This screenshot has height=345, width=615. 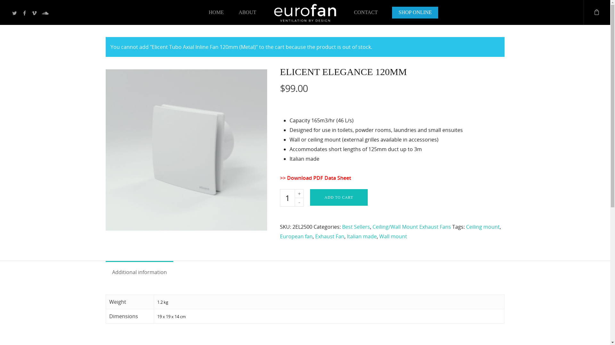 I want to click on 'Exhaust Fan', so click(x=330, y=236).